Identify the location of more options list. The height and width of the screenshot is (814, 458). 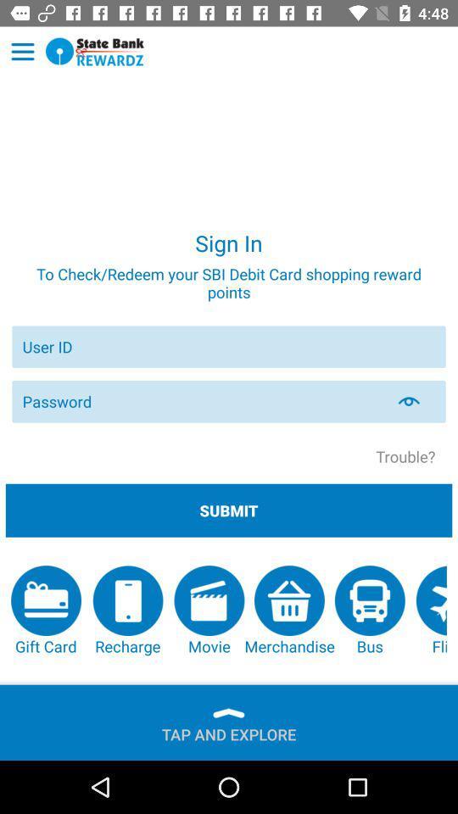
(22, 52).